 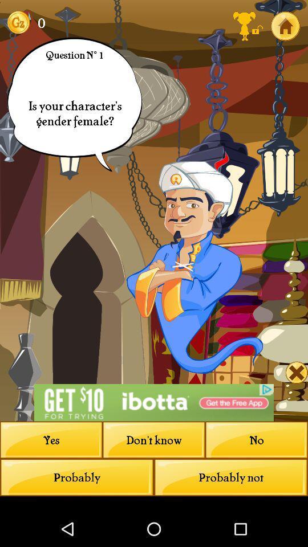 I want to click on the home icon, so click(x=285, y=27).